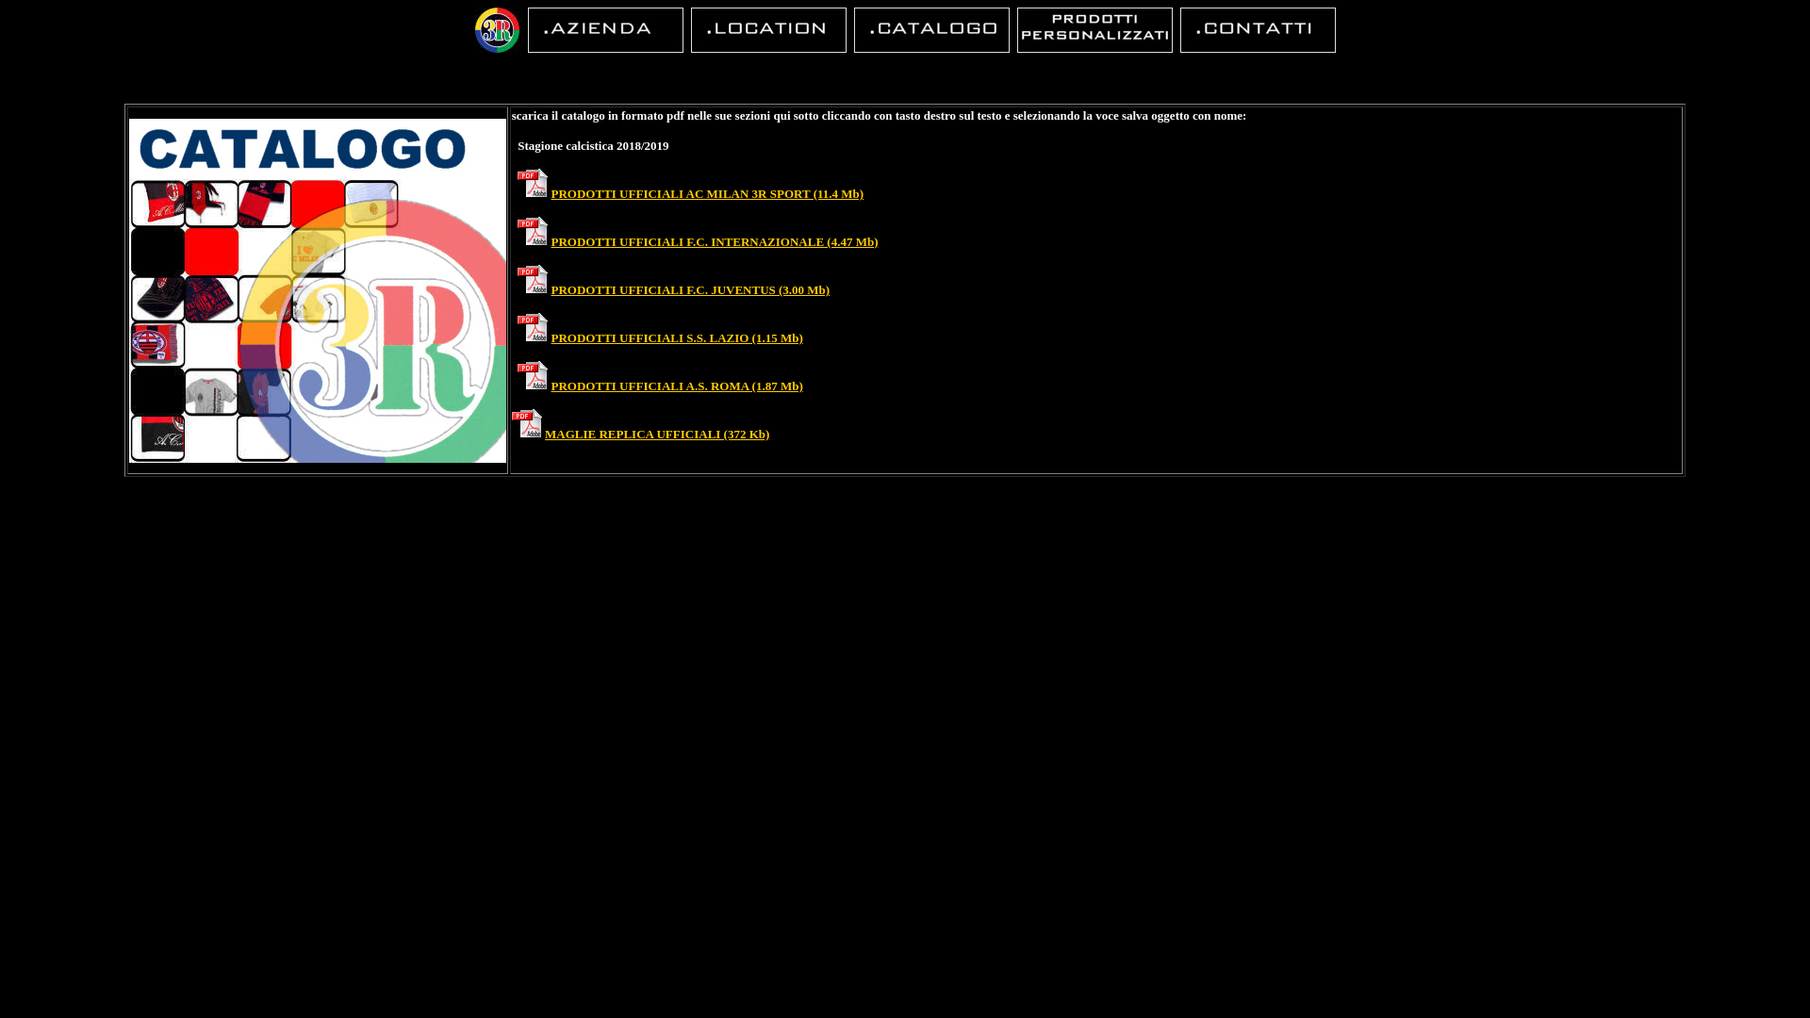 The height and width of the screenshot is (1018, 1810). I want to click on 'PRODOTTI UFFICIALI F.C. INTERNAZIONALE (4.47 Mb)', so click(714, 240).